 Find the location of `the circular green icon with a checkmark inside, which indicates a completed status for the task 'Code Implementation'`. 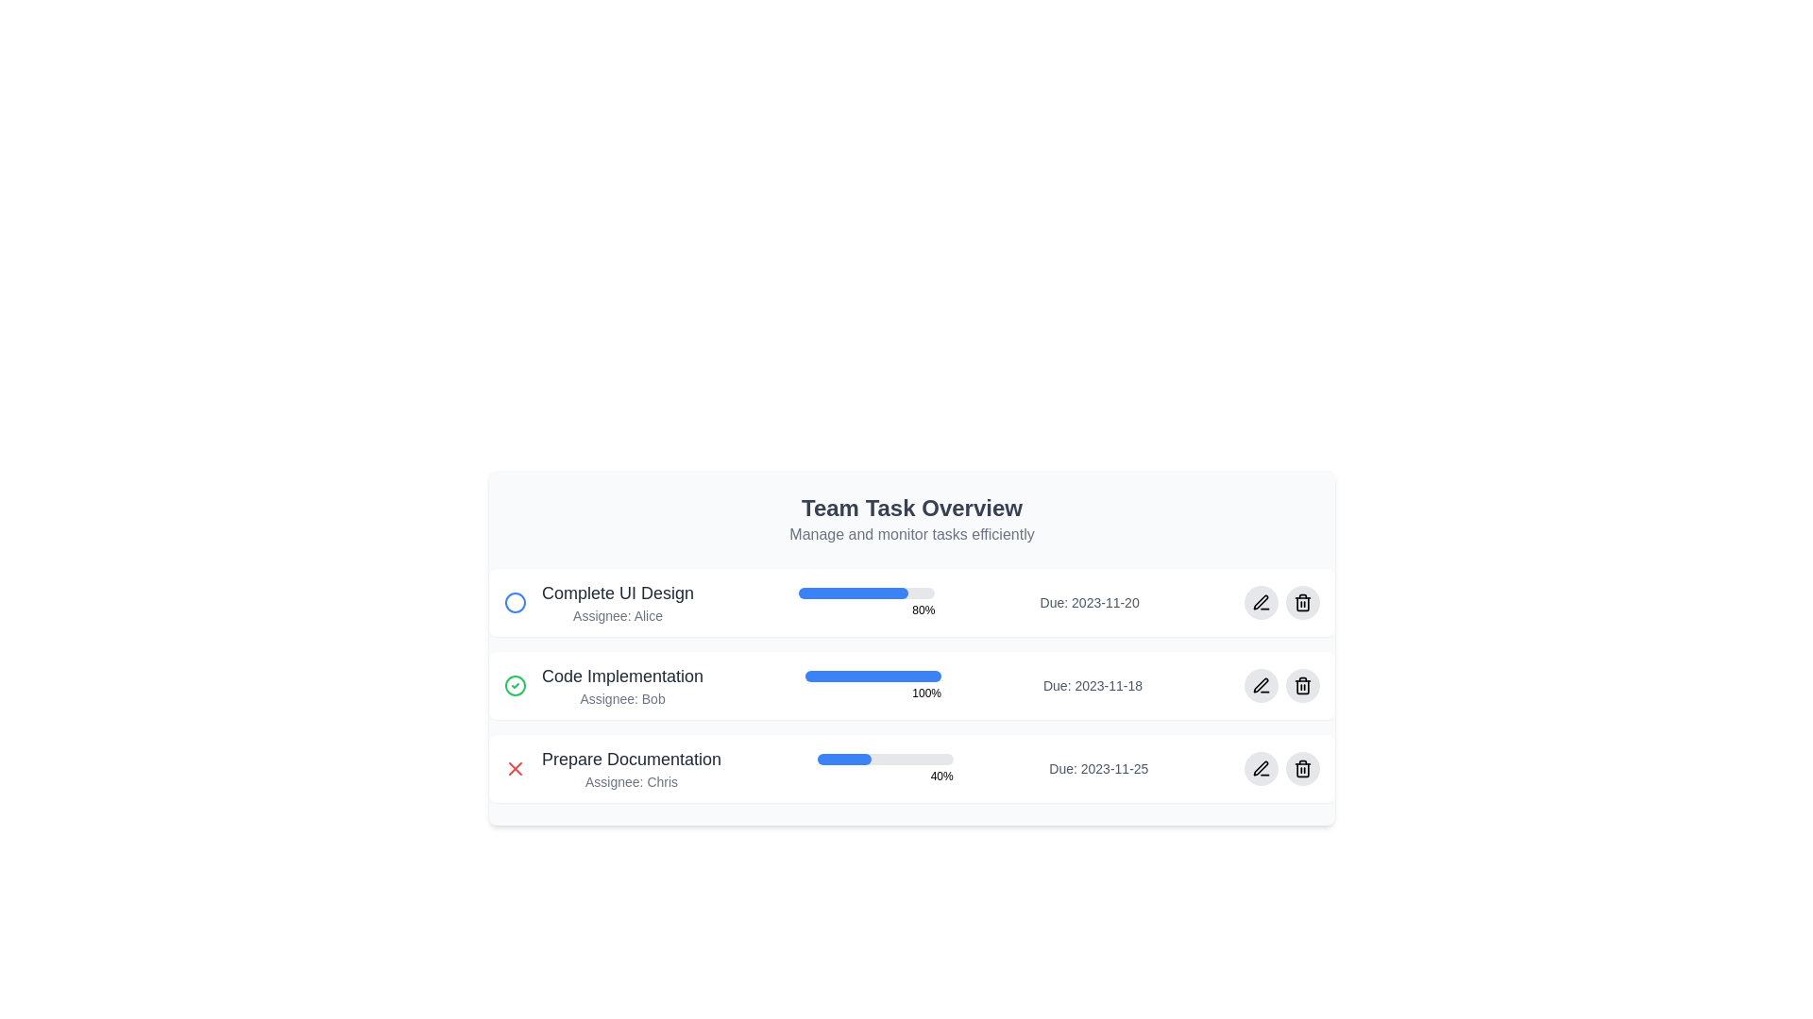

the circular green icon with a checkmark inside, which indicates a completed status for the task 'Code Implementation' is located at coordinates (516, 685).